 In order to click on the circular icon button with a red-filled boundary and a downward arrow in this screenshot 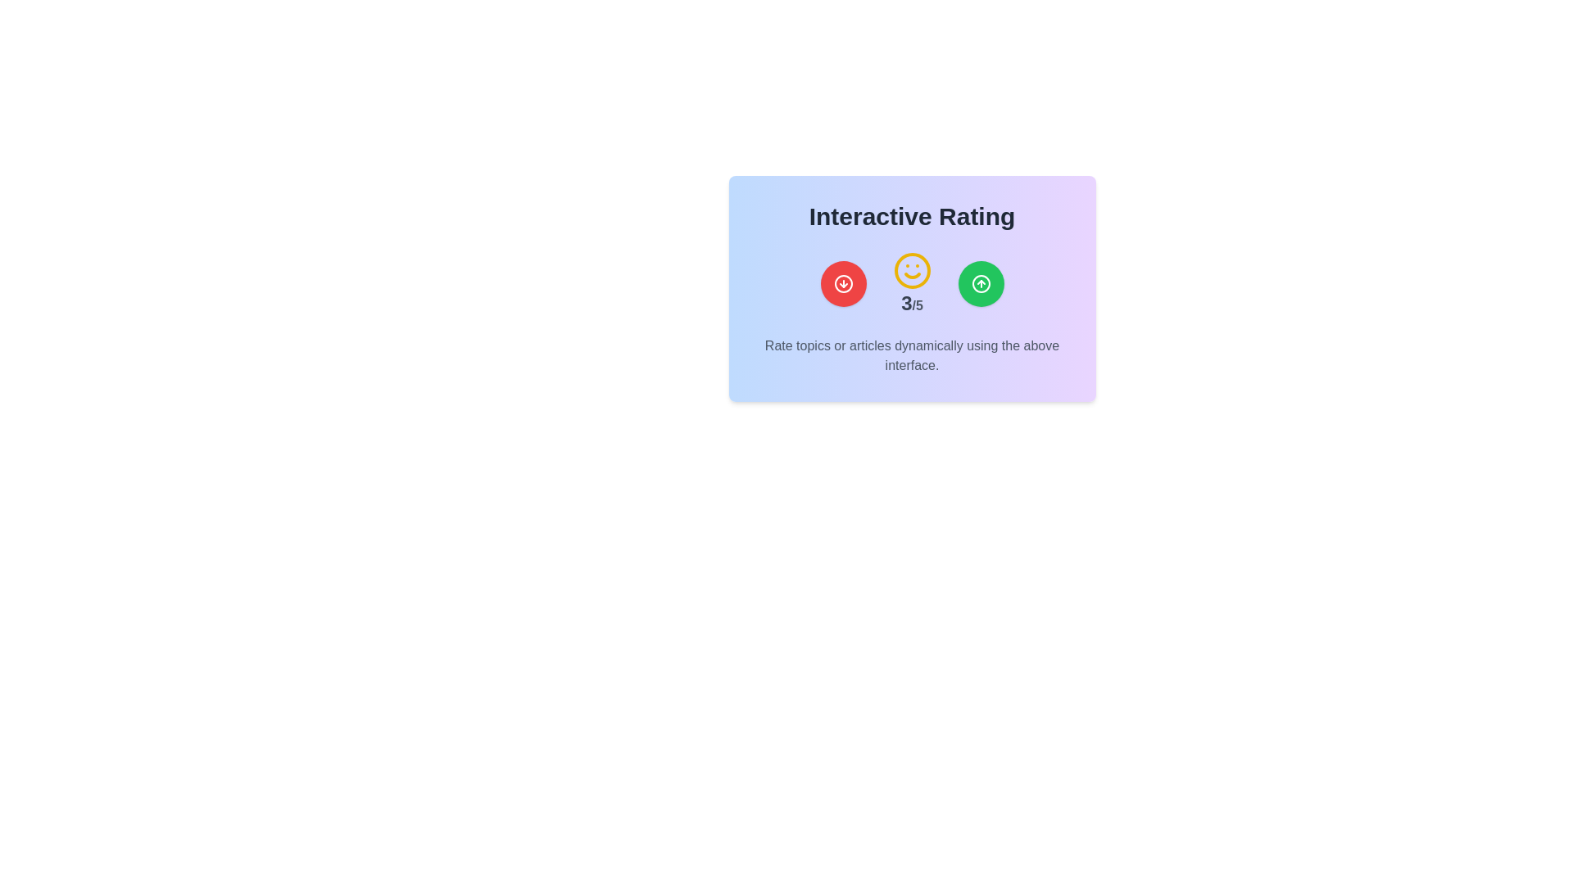, I will do `click(843, 283)`.